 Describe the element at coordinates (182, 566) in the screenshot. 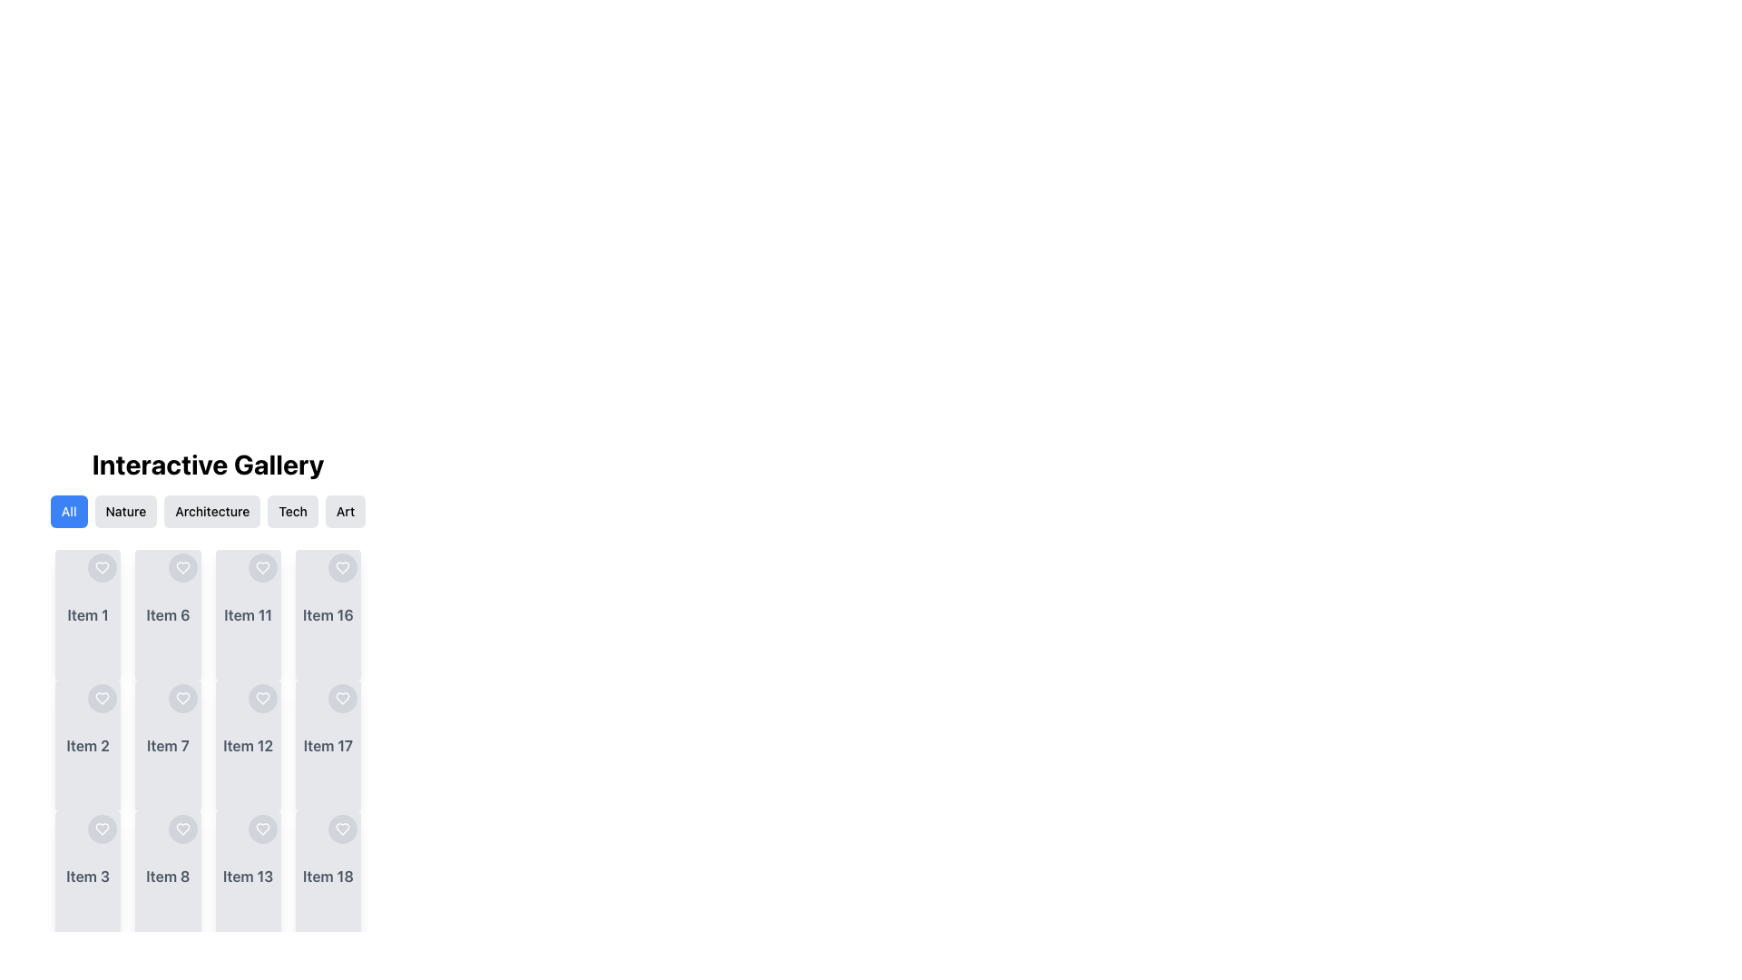

I see `the heart icon button located at the top-right corner of the card labeled 'Item 6'` at that location.